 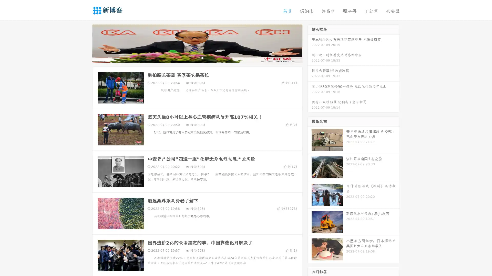 I want to click on Next slide, so click(x=310, y=43).